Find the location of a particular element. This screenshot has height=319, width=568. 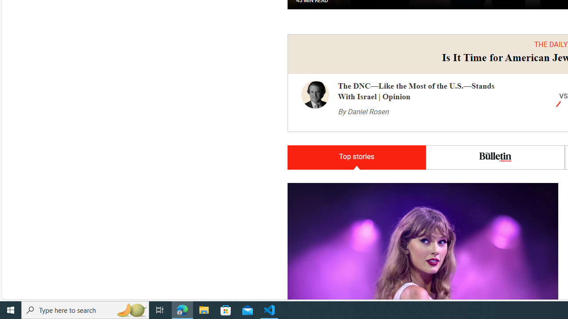

'By Daniel Rosen' is located at coordinates (363, 111).